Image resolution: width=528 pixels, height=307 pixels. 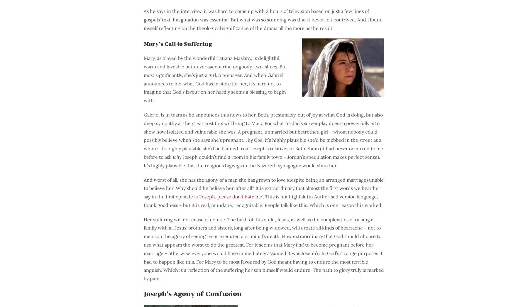 I want to click on '. It’s highly plausible she’d be mobbed in the street as a whore. It’s highly plausible she’d be banned from Joseph’s relatives in Bethlehem (it had never occurred to me before to ask', so click(x=263, y=148).